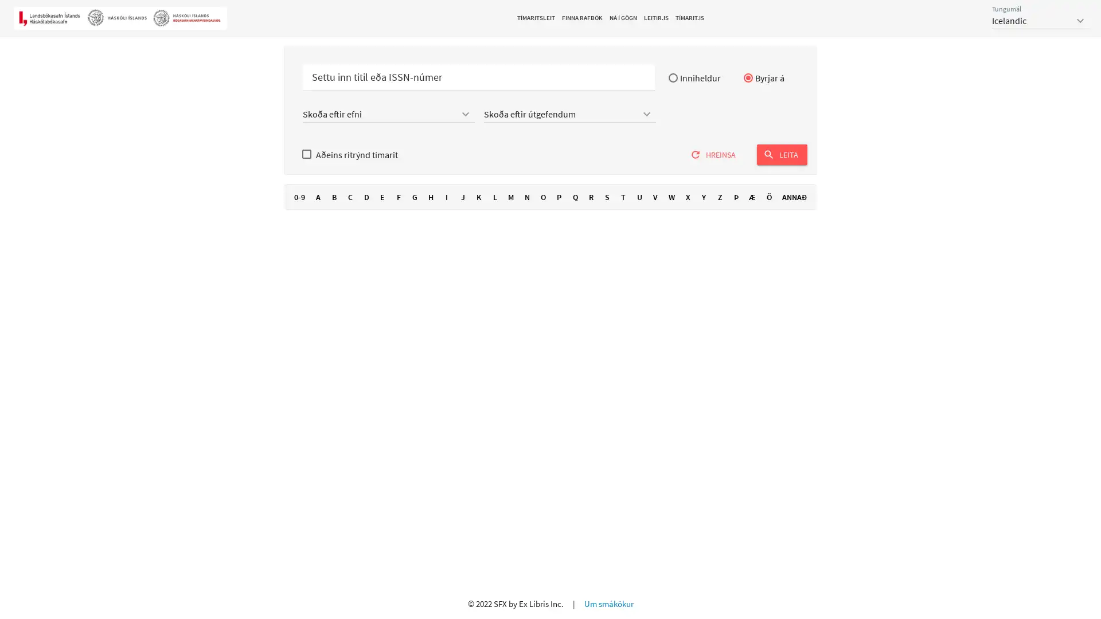 The image size is (1101, 619). What do you see at coordinates (719, 196) in the screenshot?
I see `Z` at bounding box center [719, 196].